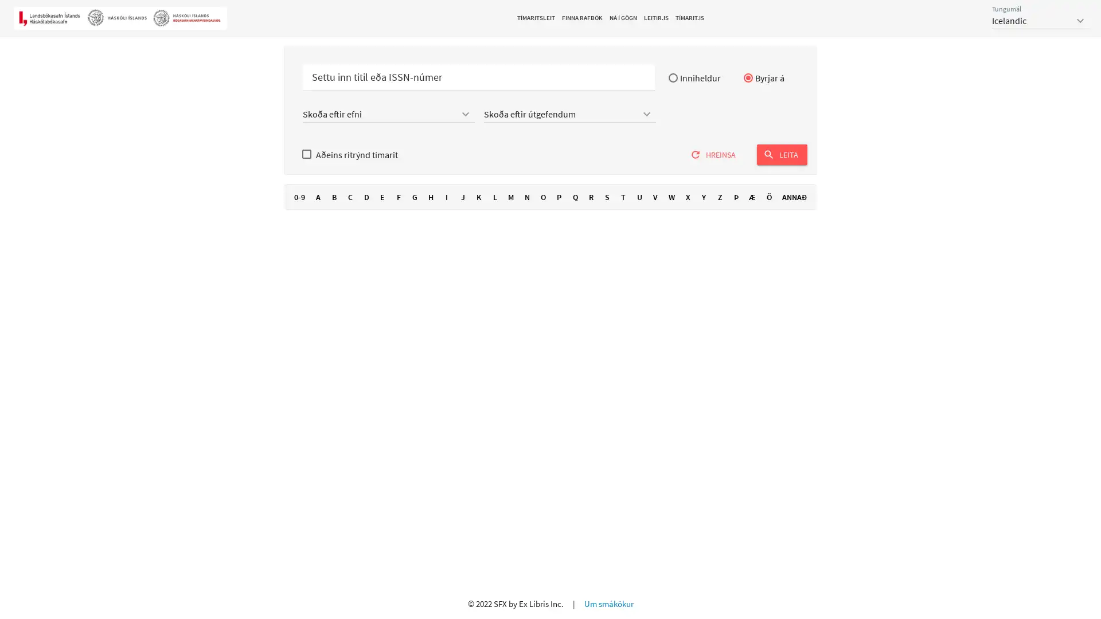 The image size is (1101, 619). What do you see at coordinates (719, 196) in the screenshot?
I see `Z` at bounding box center [719, 196].